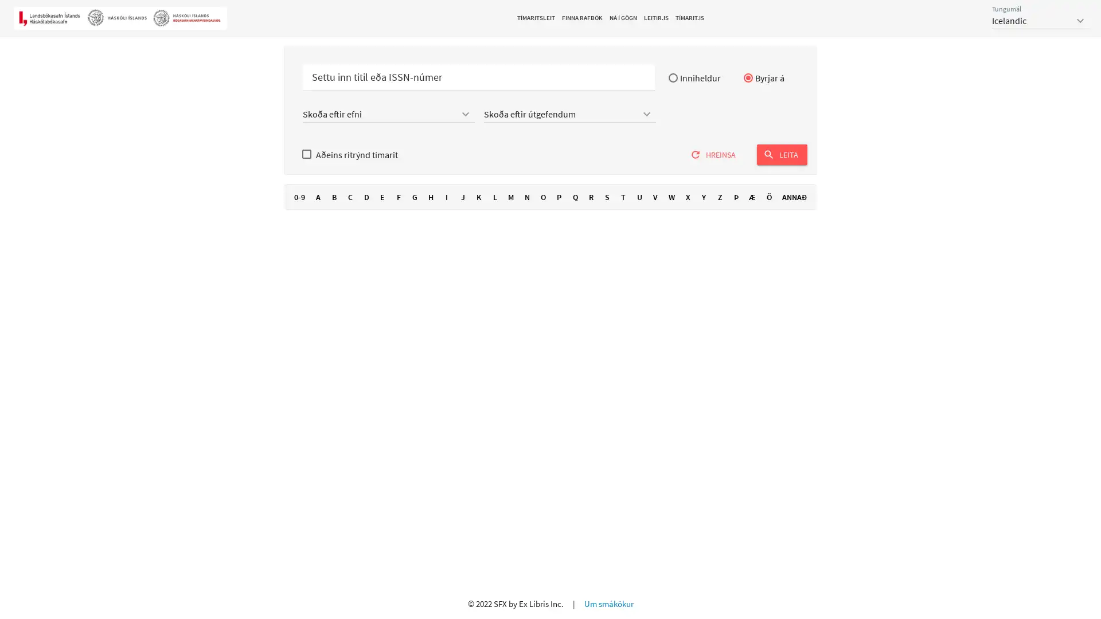 The image size is (1101, 619). What do you see at coordinates (719, 196) in the screenshot?
I see `Z` at bounding box center [719, 196].